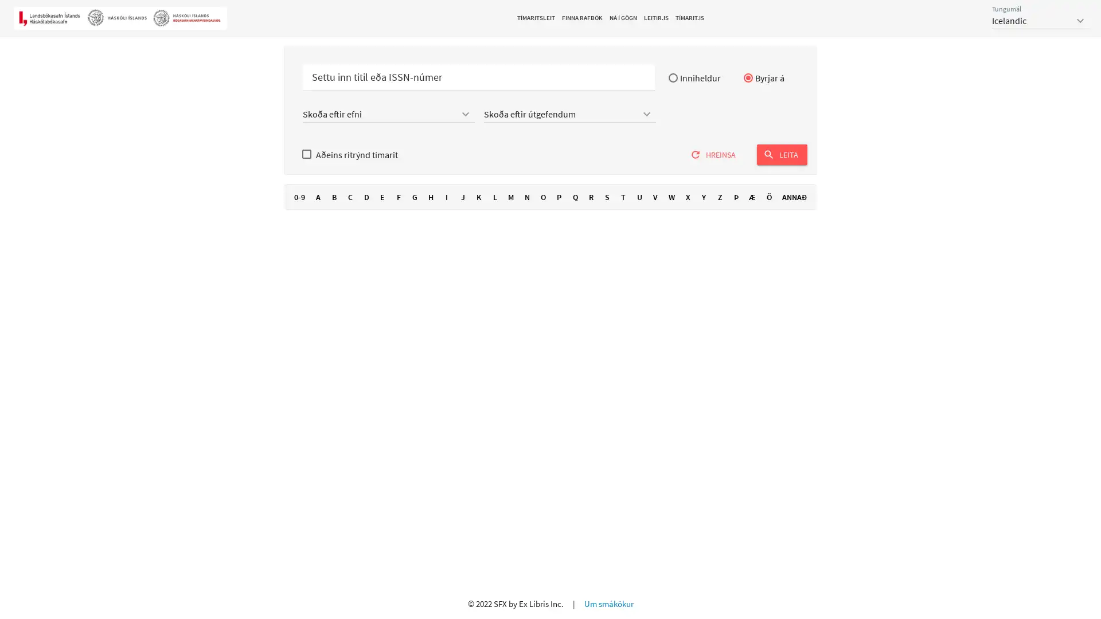 The image size is (1101, 619). What do you see at coordinates (719, 196) in the screenshot?
I see `Z` at bounding box center [719, 196].